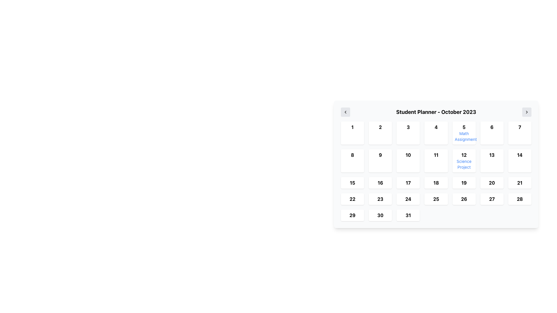 The image size is (557, 313). I want to click on the Calendar Date Cell labeled '27', so click(491, 199).